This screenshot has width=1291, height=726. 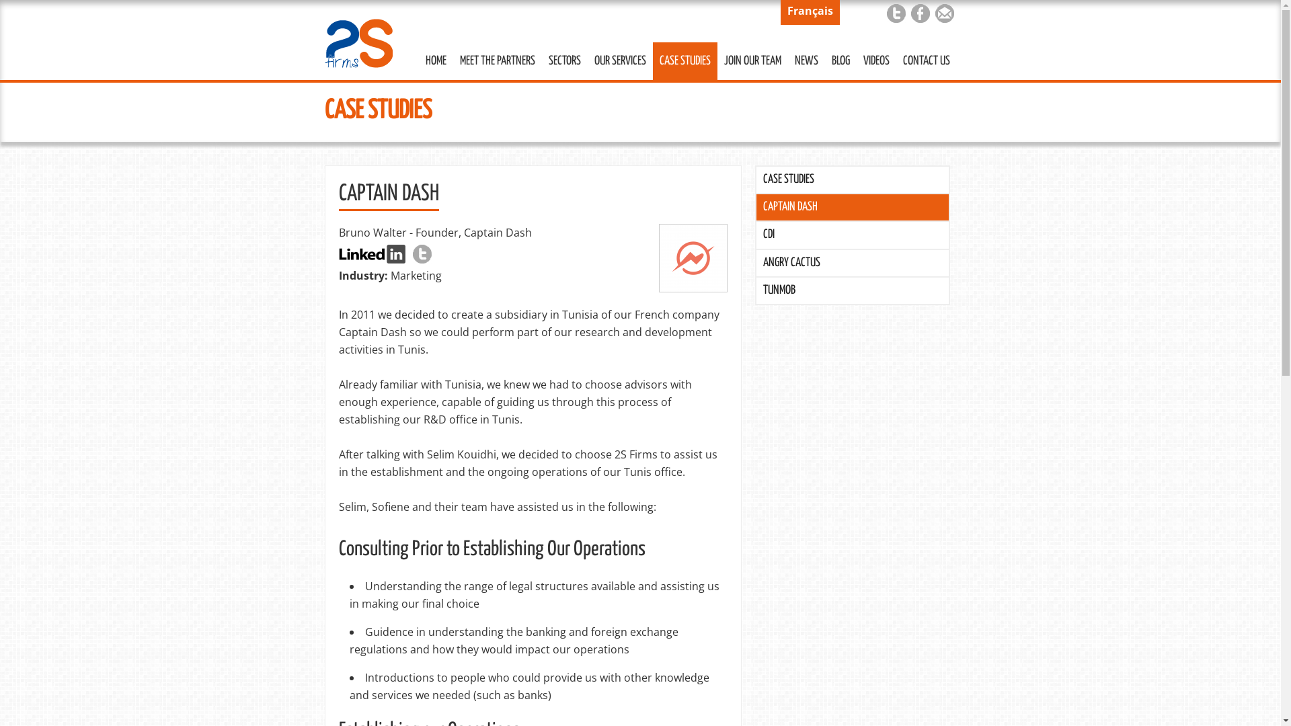 What do you see at coordinates (611, 1) in the screenshot?
I see `'Skip to main content'` at bounding box center [611, 1].